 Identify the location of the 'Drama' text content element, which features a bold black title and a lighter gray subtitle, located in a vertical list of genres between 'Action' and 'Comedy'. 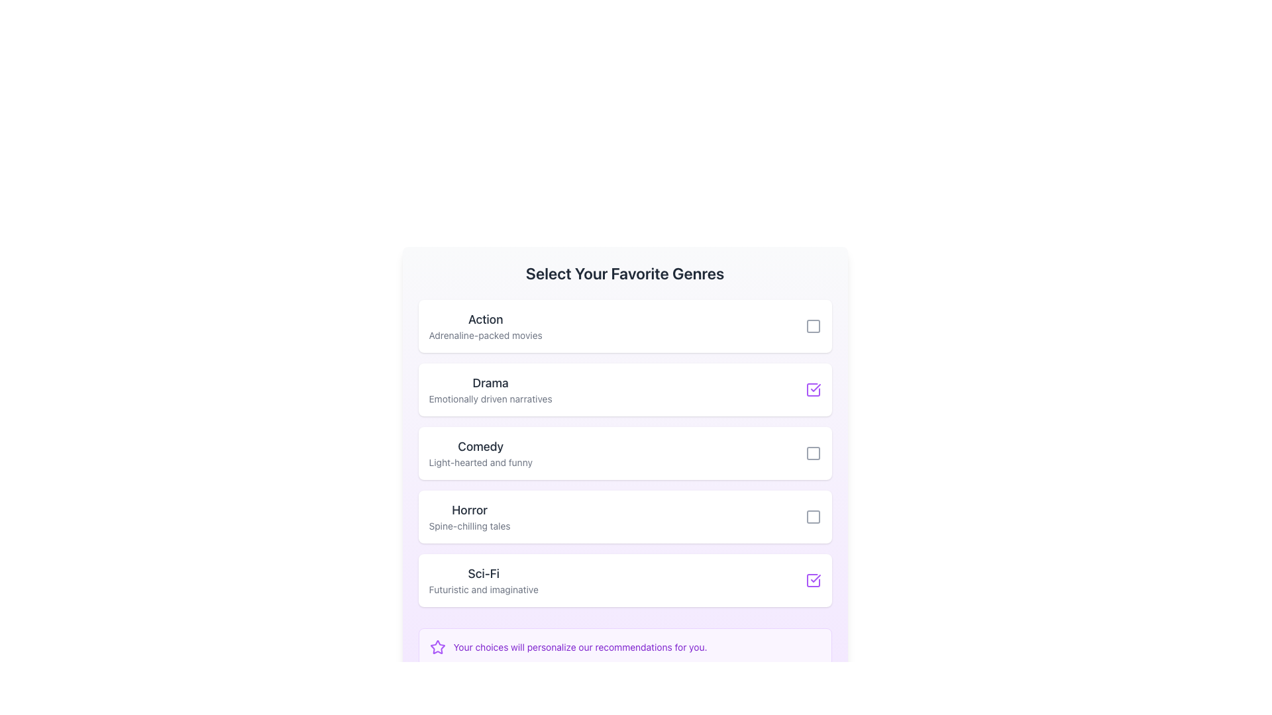
(490, 389).